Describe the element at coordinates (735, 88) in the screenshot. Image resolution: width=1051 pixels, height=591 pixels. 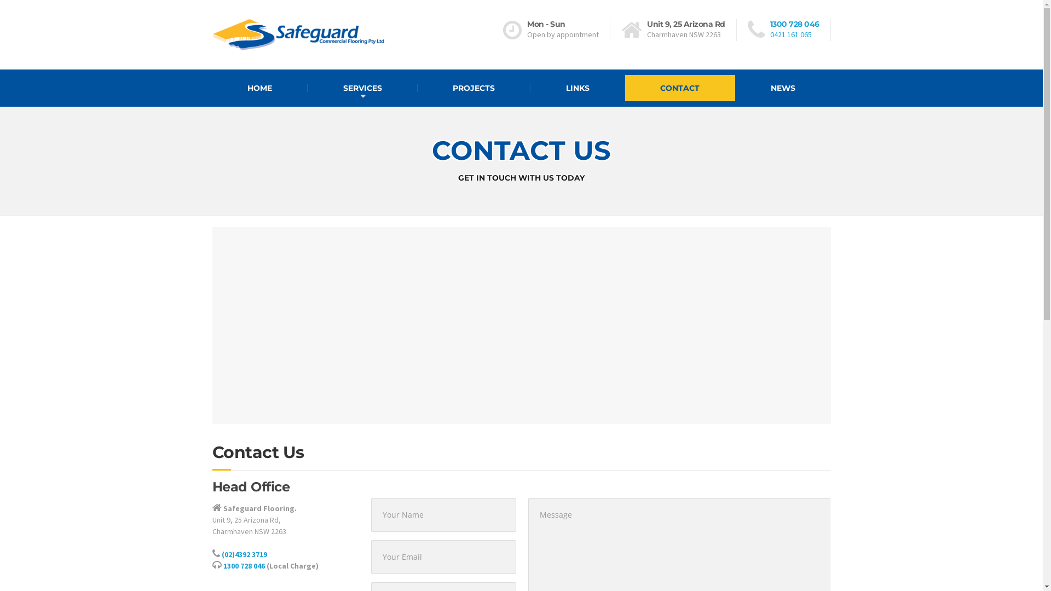
I see `'NEWS'` at that location.